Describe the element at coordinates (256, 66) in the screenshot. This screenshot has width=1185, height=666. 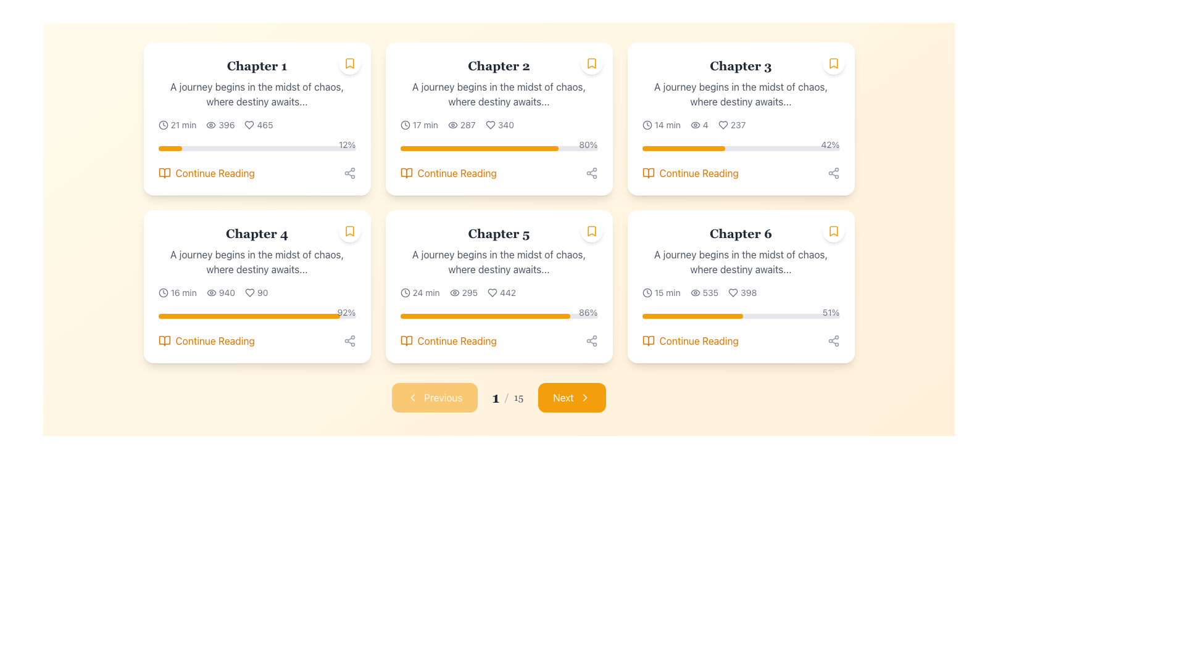
I see `the 'Chapter 1' text heading, which is a large, bold-serif styled label located at the top of a card element in the upper left section of a 2x3 grid layout` at that location.